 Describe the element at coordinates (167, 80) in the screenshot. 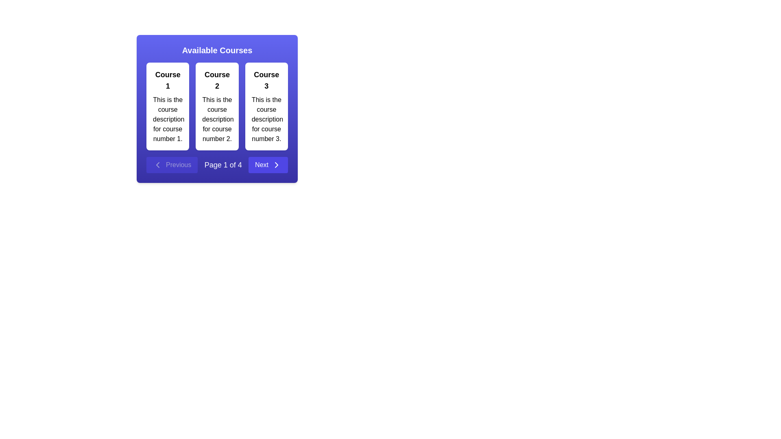

I see `the text element displaying 'Course 1', which is styled as a bold heading in a larger black font, located at the top of the first course card` at that location.